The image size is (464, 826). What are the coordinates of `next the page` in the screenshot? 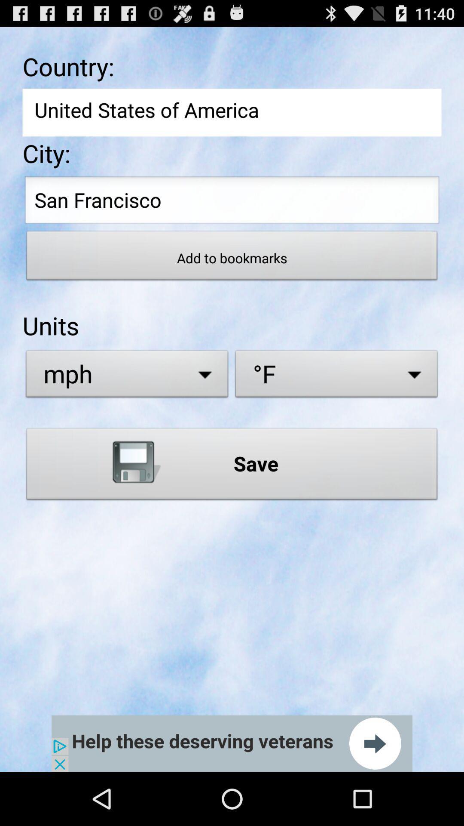 It's located at (232, 743).